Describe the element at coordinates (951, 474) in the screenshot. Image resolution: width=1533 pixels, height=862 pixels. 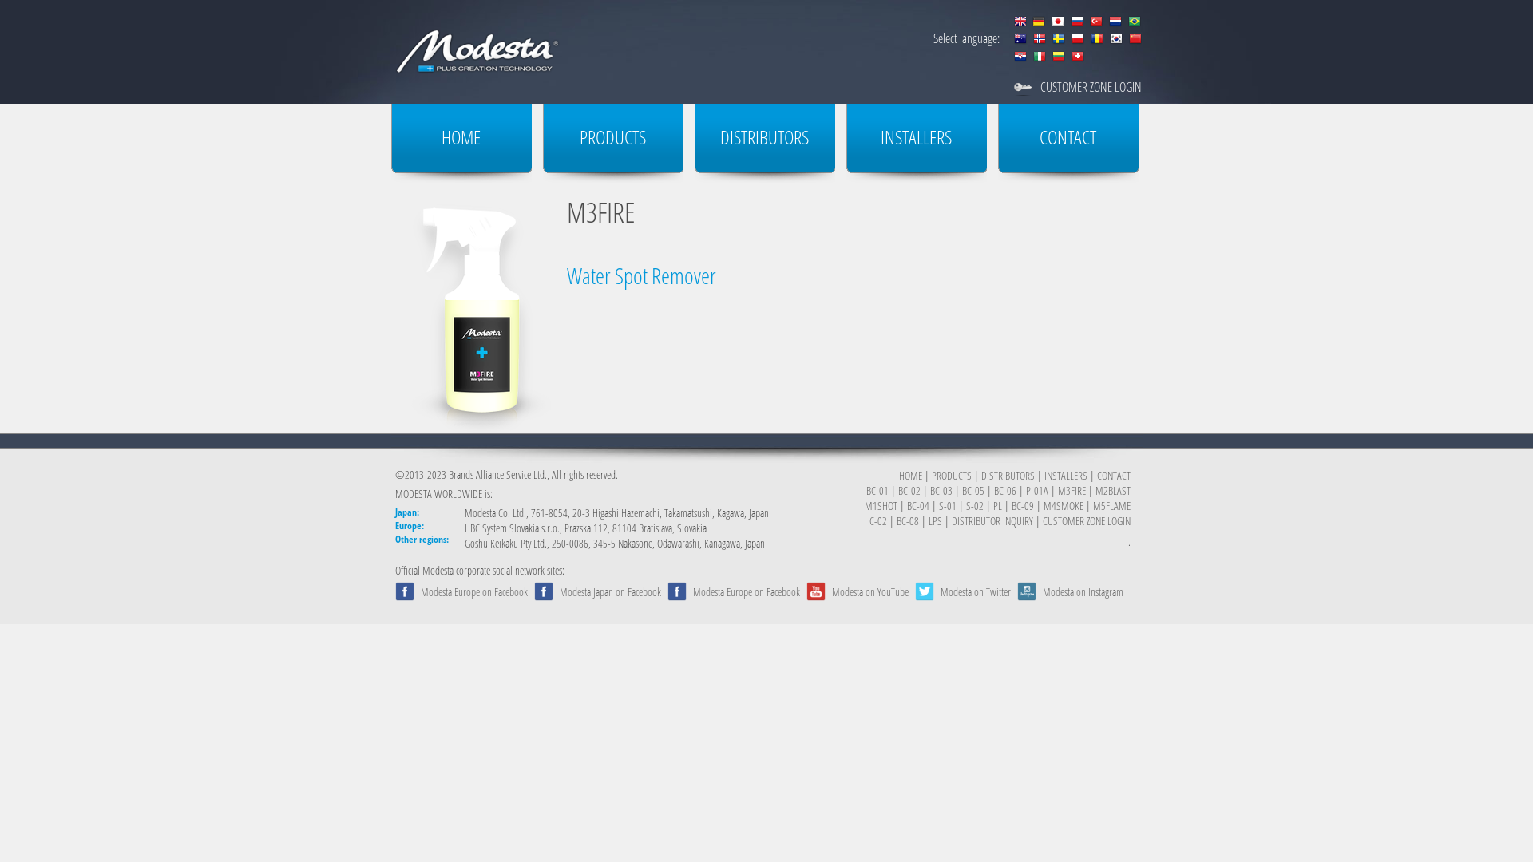
I see `'PRODUCTS'` at that location.